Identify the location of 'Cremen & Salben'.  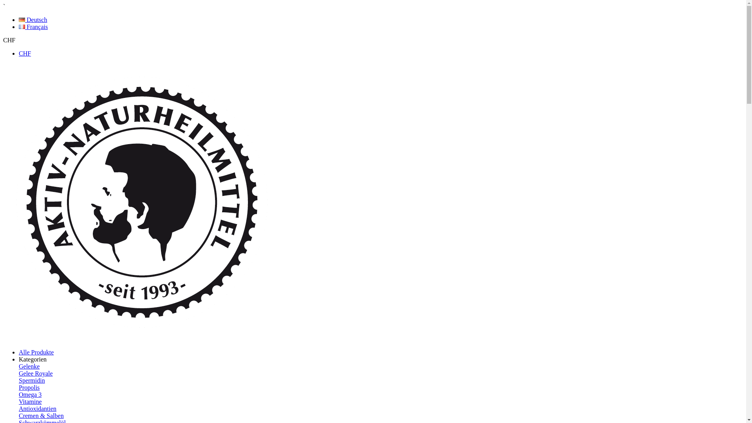
(41, 415).